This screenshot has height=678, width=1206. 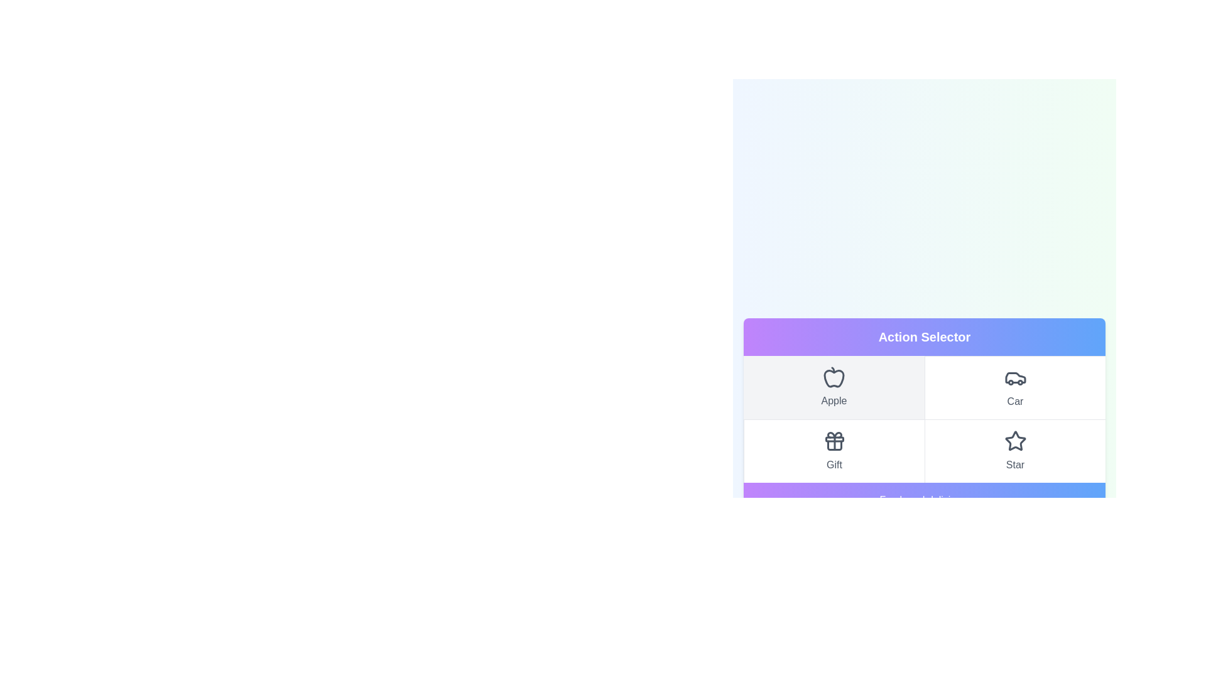 What do you see at coordinates (1015, 402) in the screenshot?
I see `text from the Text Label situated below the car icon, which serves as a descriptive marker for it` at bounding box center [1015, 402].